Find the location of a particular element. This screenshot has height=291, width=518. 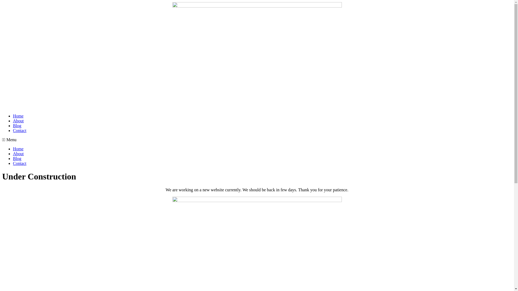

'About' is located at coordinates (18, 120).